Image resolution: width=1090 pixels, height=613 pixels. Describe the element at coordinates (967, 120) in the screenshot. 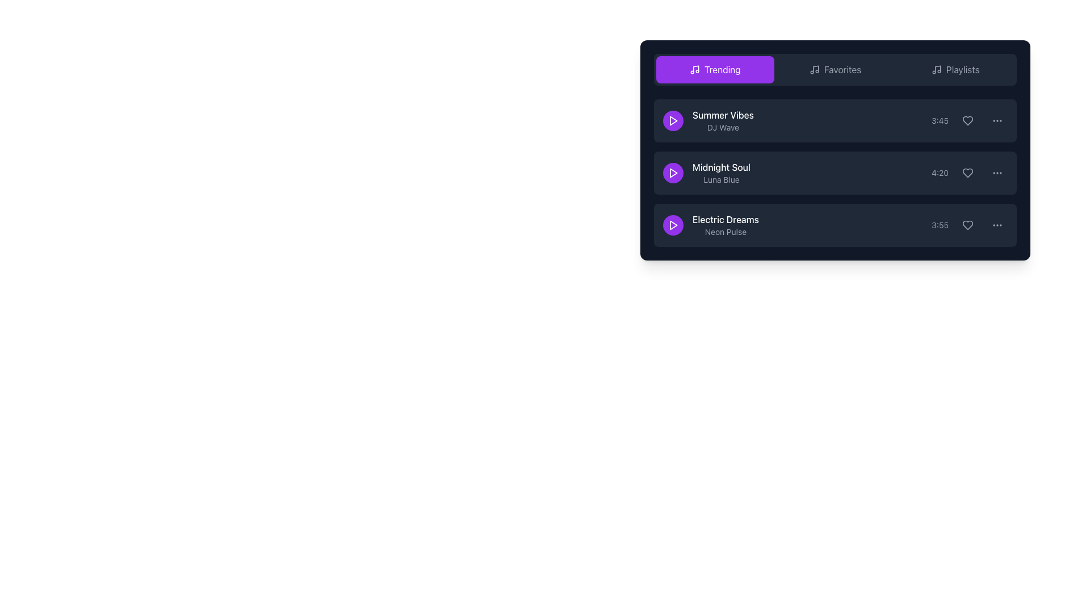

I see `the favorite button located to the right of the time display '3:45' for accessibility navigation` at that location.